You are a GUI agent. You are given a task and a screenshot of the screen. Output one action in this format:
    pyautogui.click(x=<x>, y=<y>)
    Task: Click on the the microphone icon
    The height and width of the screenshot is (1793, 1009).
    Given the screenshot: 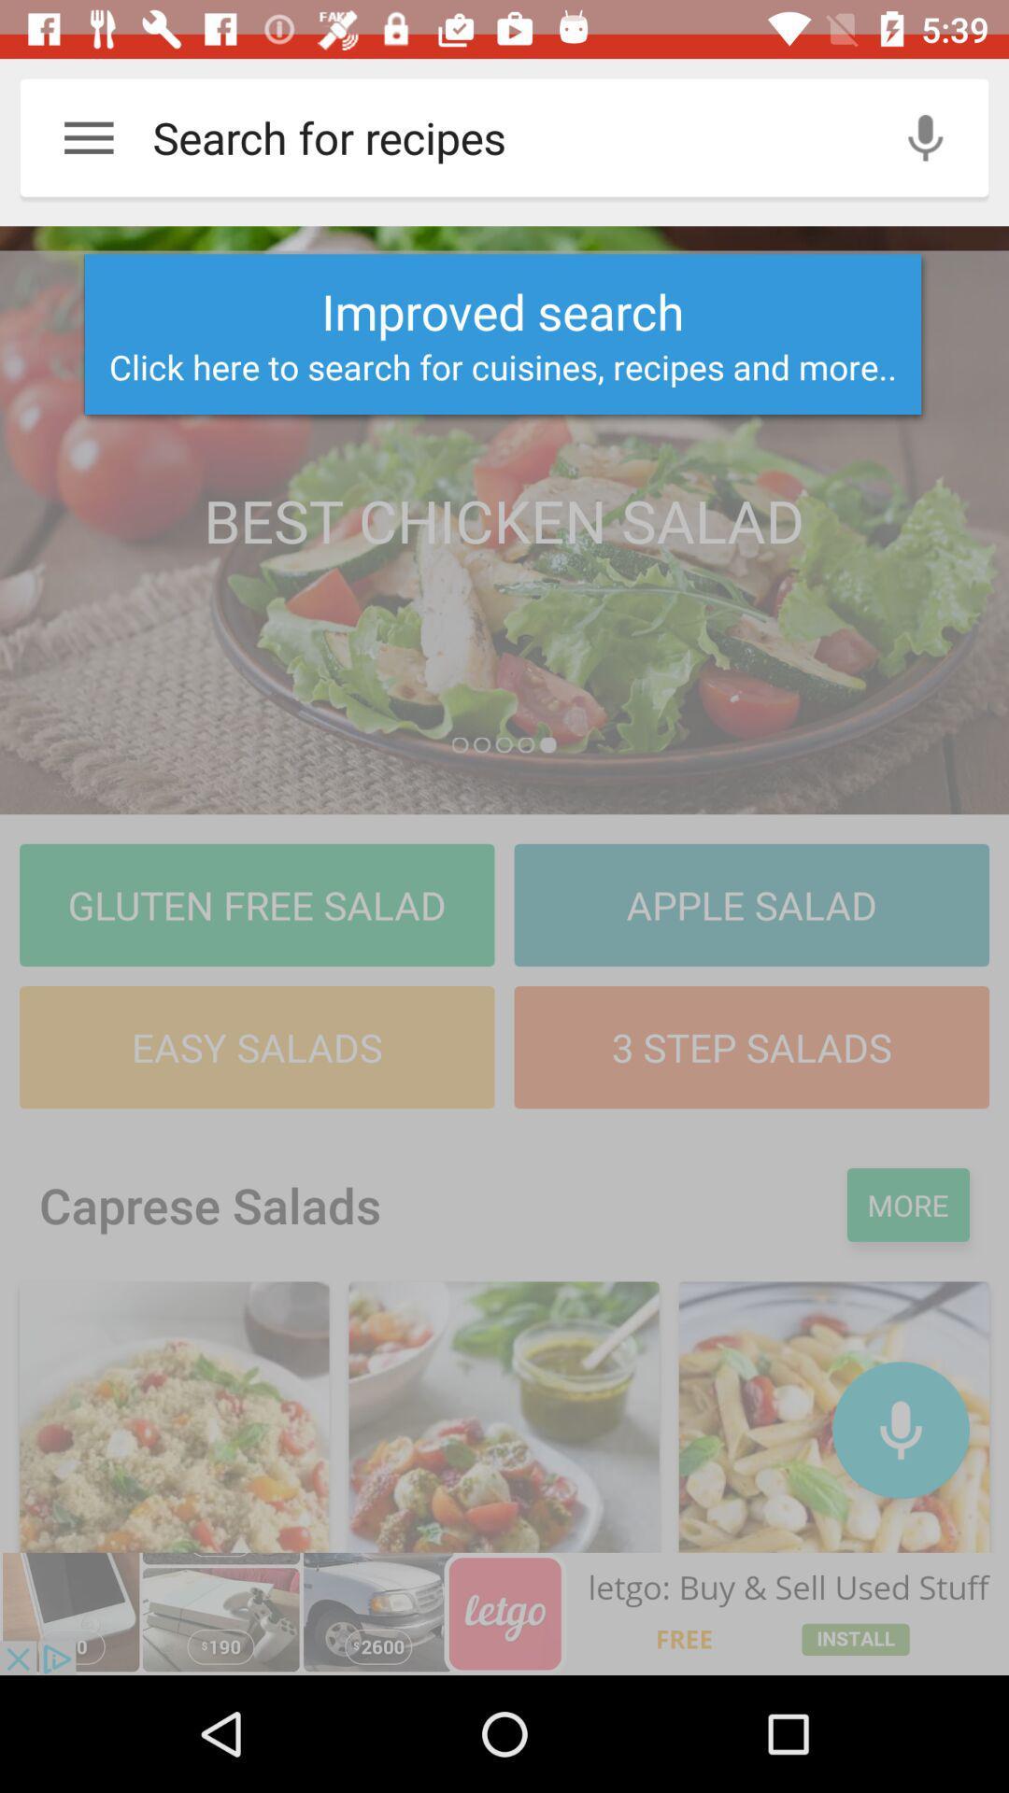 What is the action you would take?
    pyautogui.click(x=925, y=136)
    